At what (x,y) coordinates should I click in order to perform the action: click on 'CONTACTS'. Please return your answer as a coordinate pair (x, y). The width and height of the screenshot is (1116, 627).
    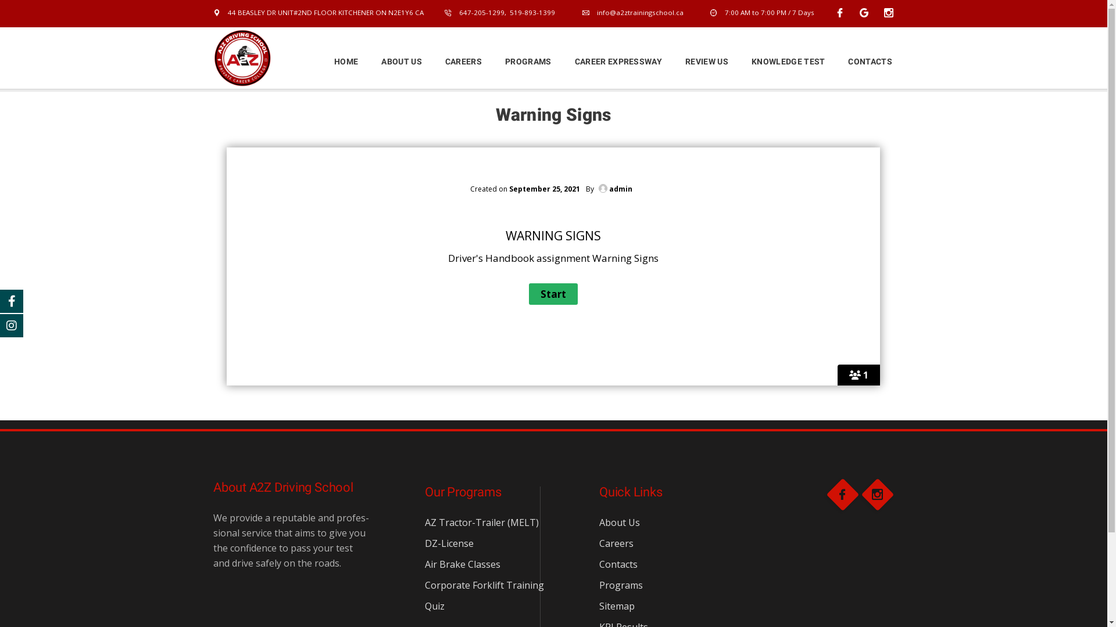
    Looking at the image, I should click on (864, 61).